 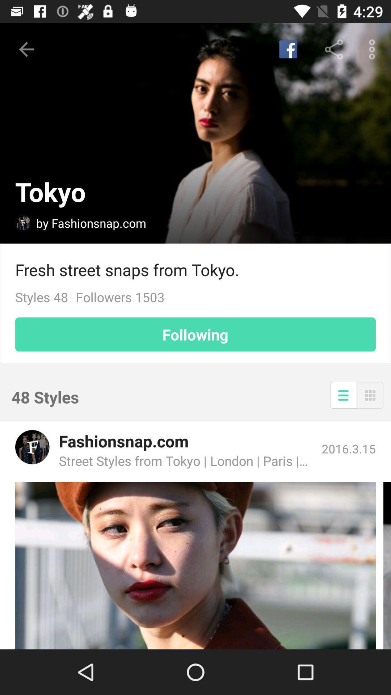 What do you see at coordinates (343, 395) in the screenshot?
I see `the item below the following item` at bounding box center [343, 395].